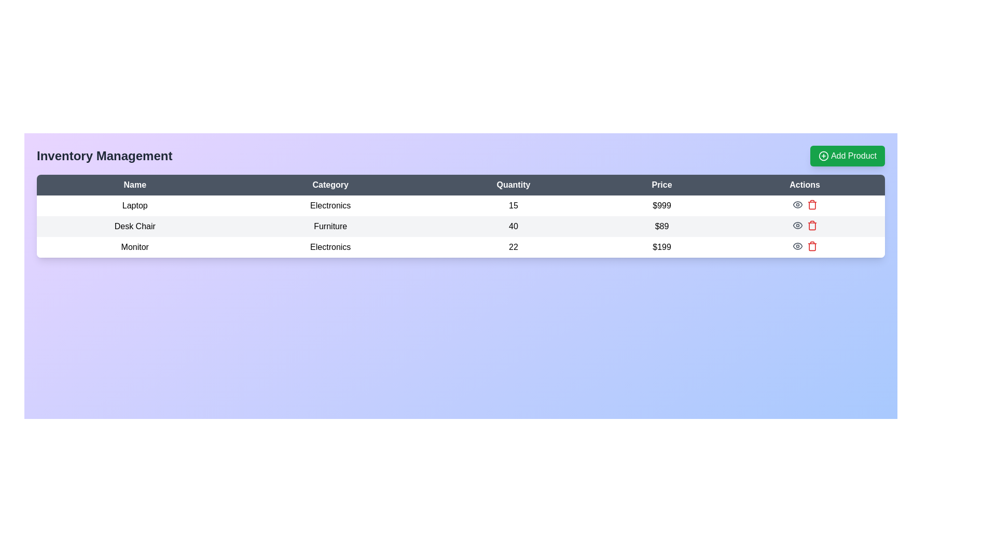 This screenshot has width=996, height=560. What do you see at coordinates (811, 246) in the screenshot?
I see `the red-colored trash bin icon, which is the third interactive icon in the last row of the table under the 'Actions' column` at bounding box center [811, 246].